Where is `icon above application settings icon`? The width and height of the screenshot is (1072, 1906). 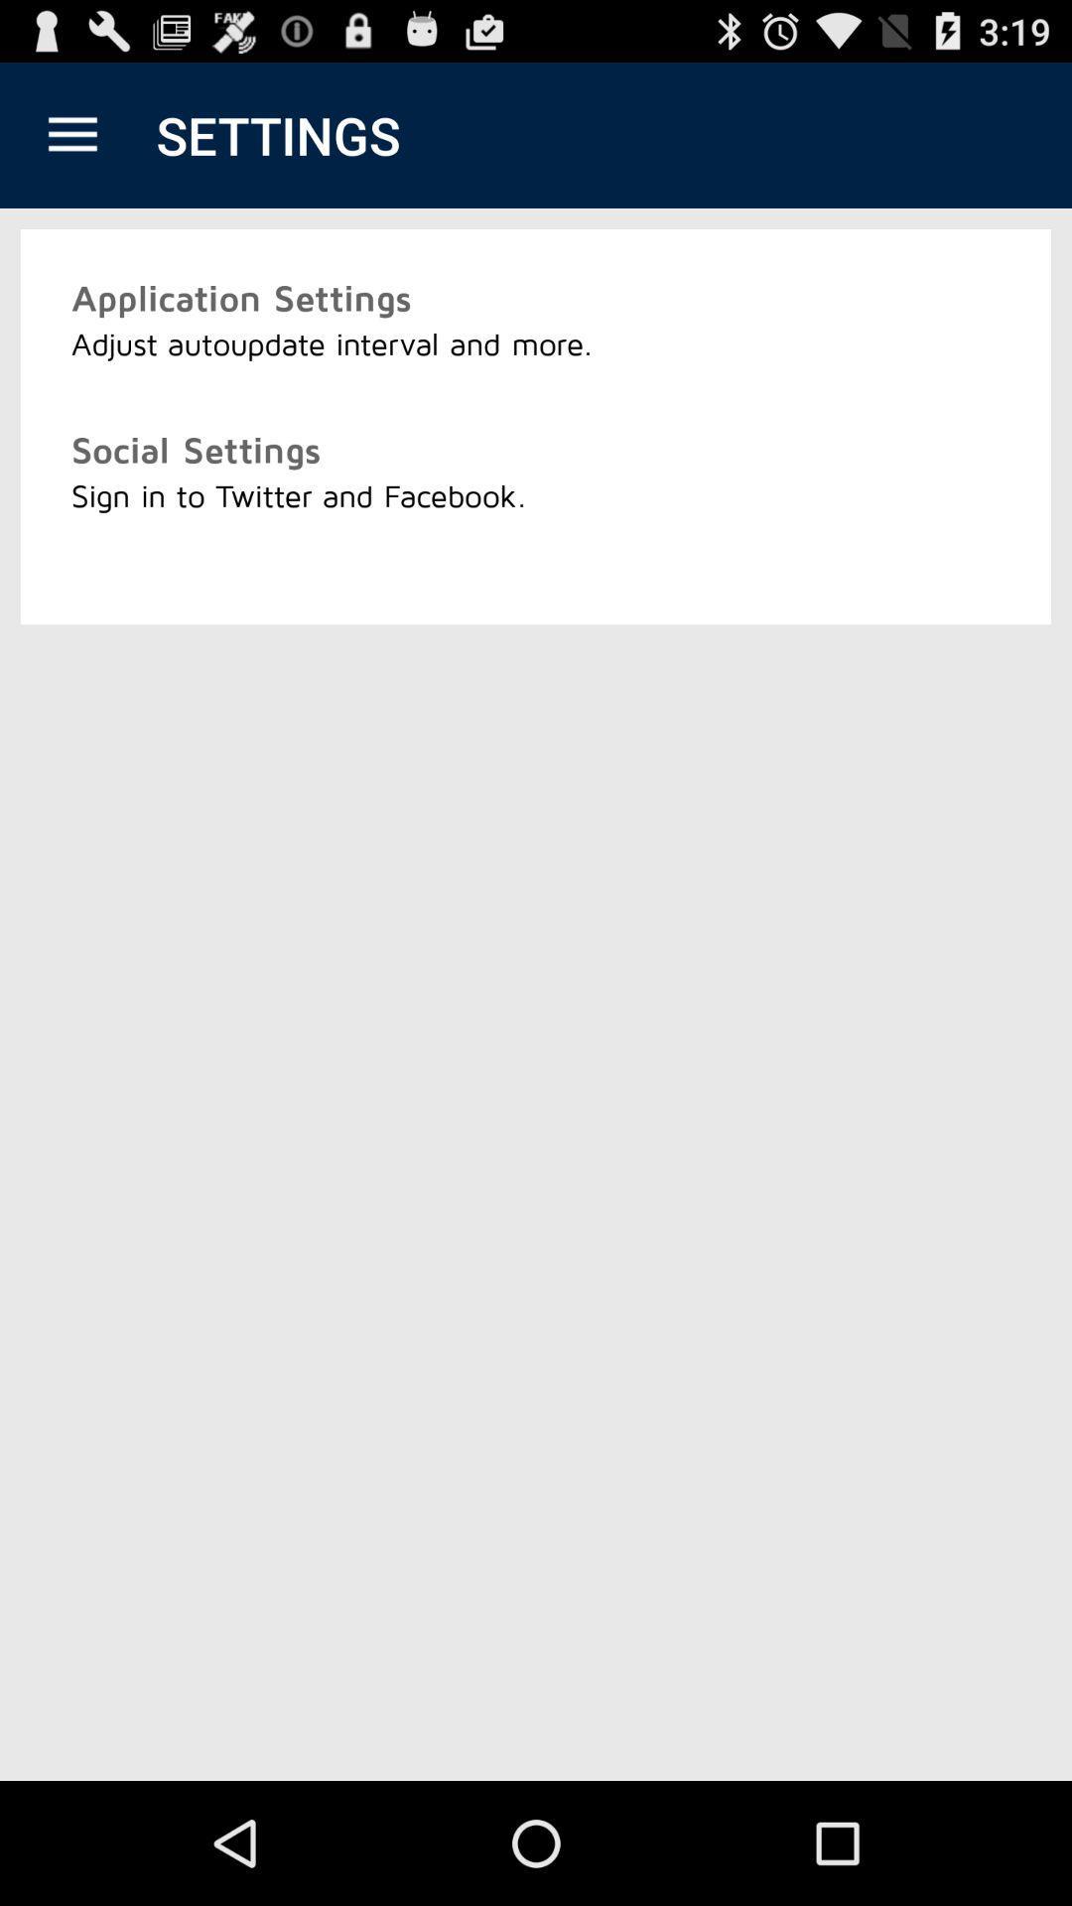 icon above application settings icon is located at coordinates (71, 134).